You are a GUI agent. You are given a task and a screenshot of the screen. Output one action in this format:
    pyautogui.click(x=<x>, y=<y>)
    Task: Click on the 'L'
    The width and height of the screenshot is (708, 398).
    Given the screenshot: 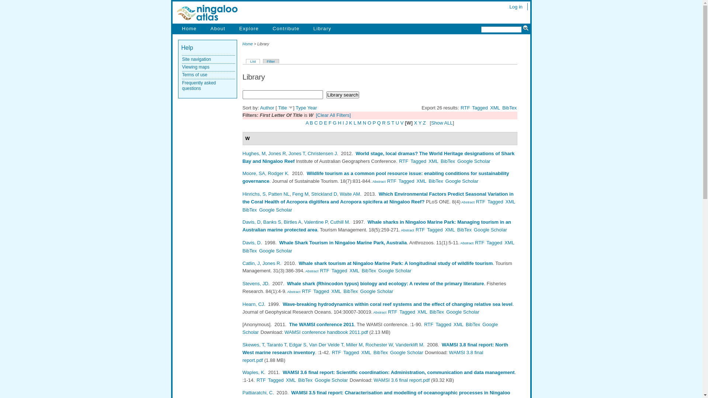 What is the action you would take?
    pyautogui.click(x=355, y=122)
    